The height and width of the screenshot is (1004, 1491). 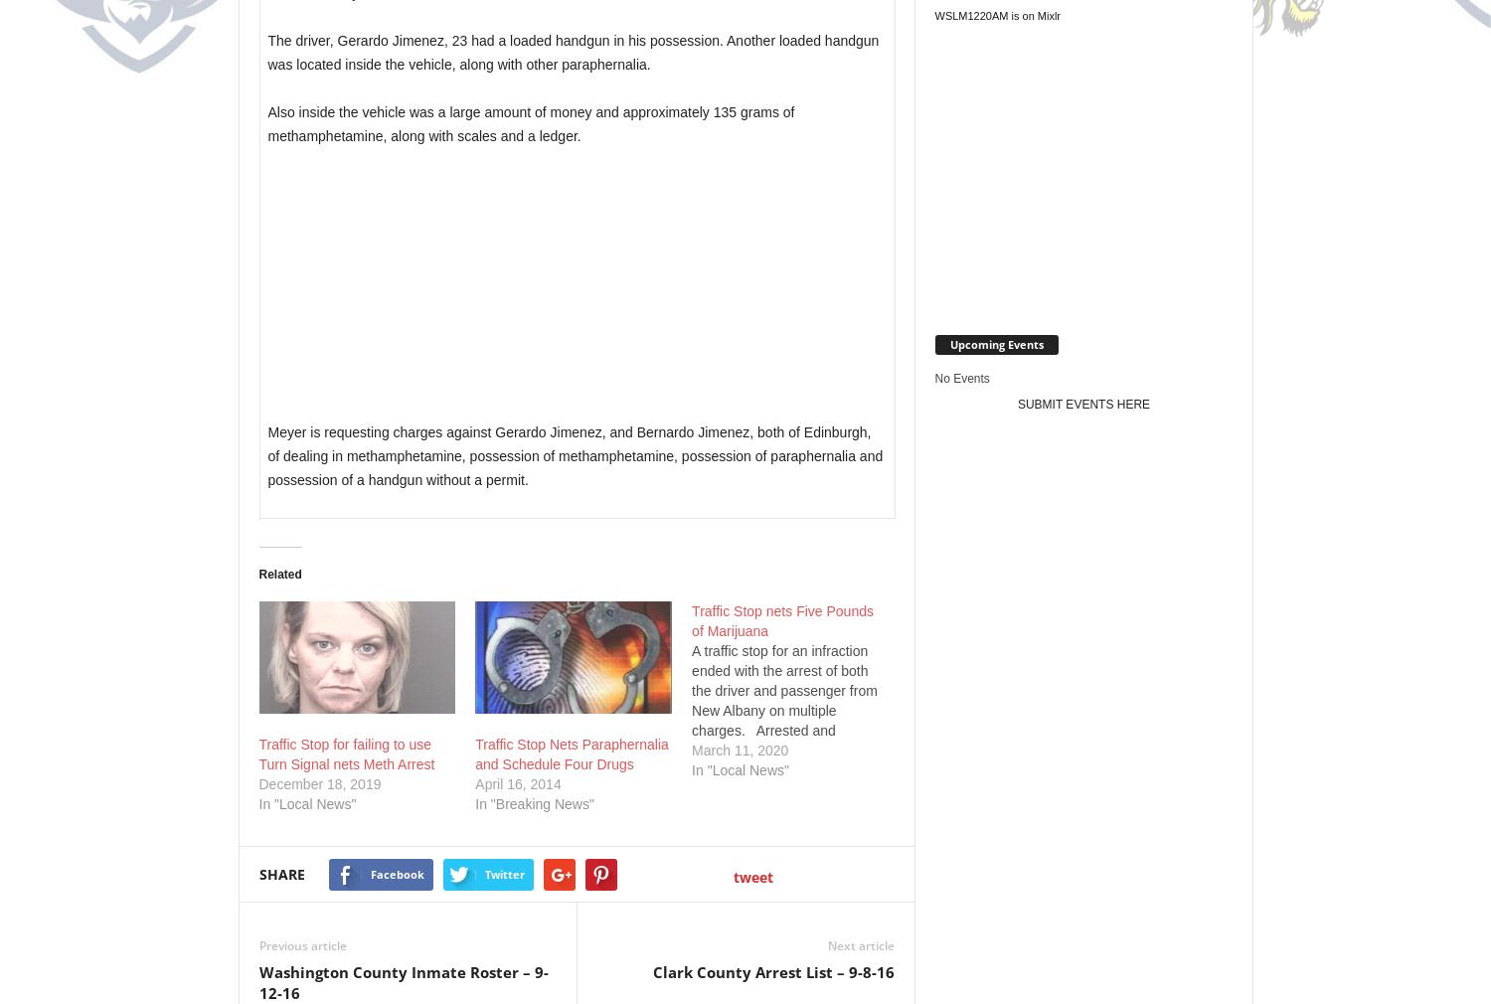 What do you see at coordinates (772, 971) in the screenshot?
I see `'Clark County Arrest List – 9-8-16'` at bounding box center [772, 971].